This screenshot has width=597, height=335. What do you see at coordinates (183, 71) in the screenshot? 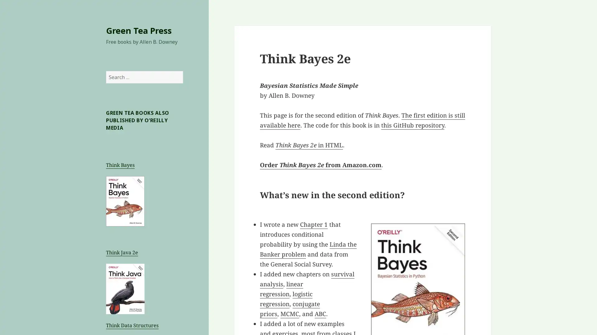
I see `Search` at bounding box center [183, 71].